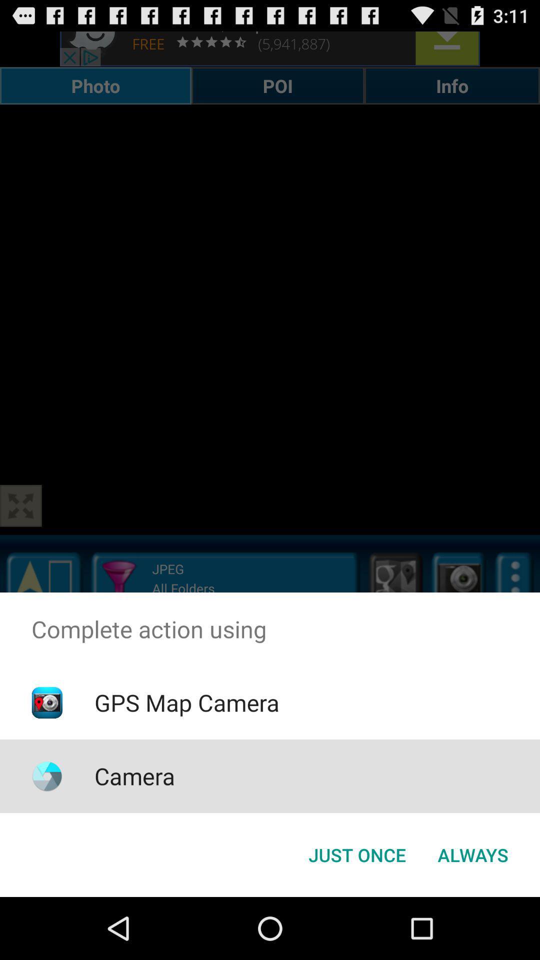 This screenshot has width=540, height=960. Describe the element at coordinates (472, 854) in the screenshot. I see `the icon next to just once icon` at that location.